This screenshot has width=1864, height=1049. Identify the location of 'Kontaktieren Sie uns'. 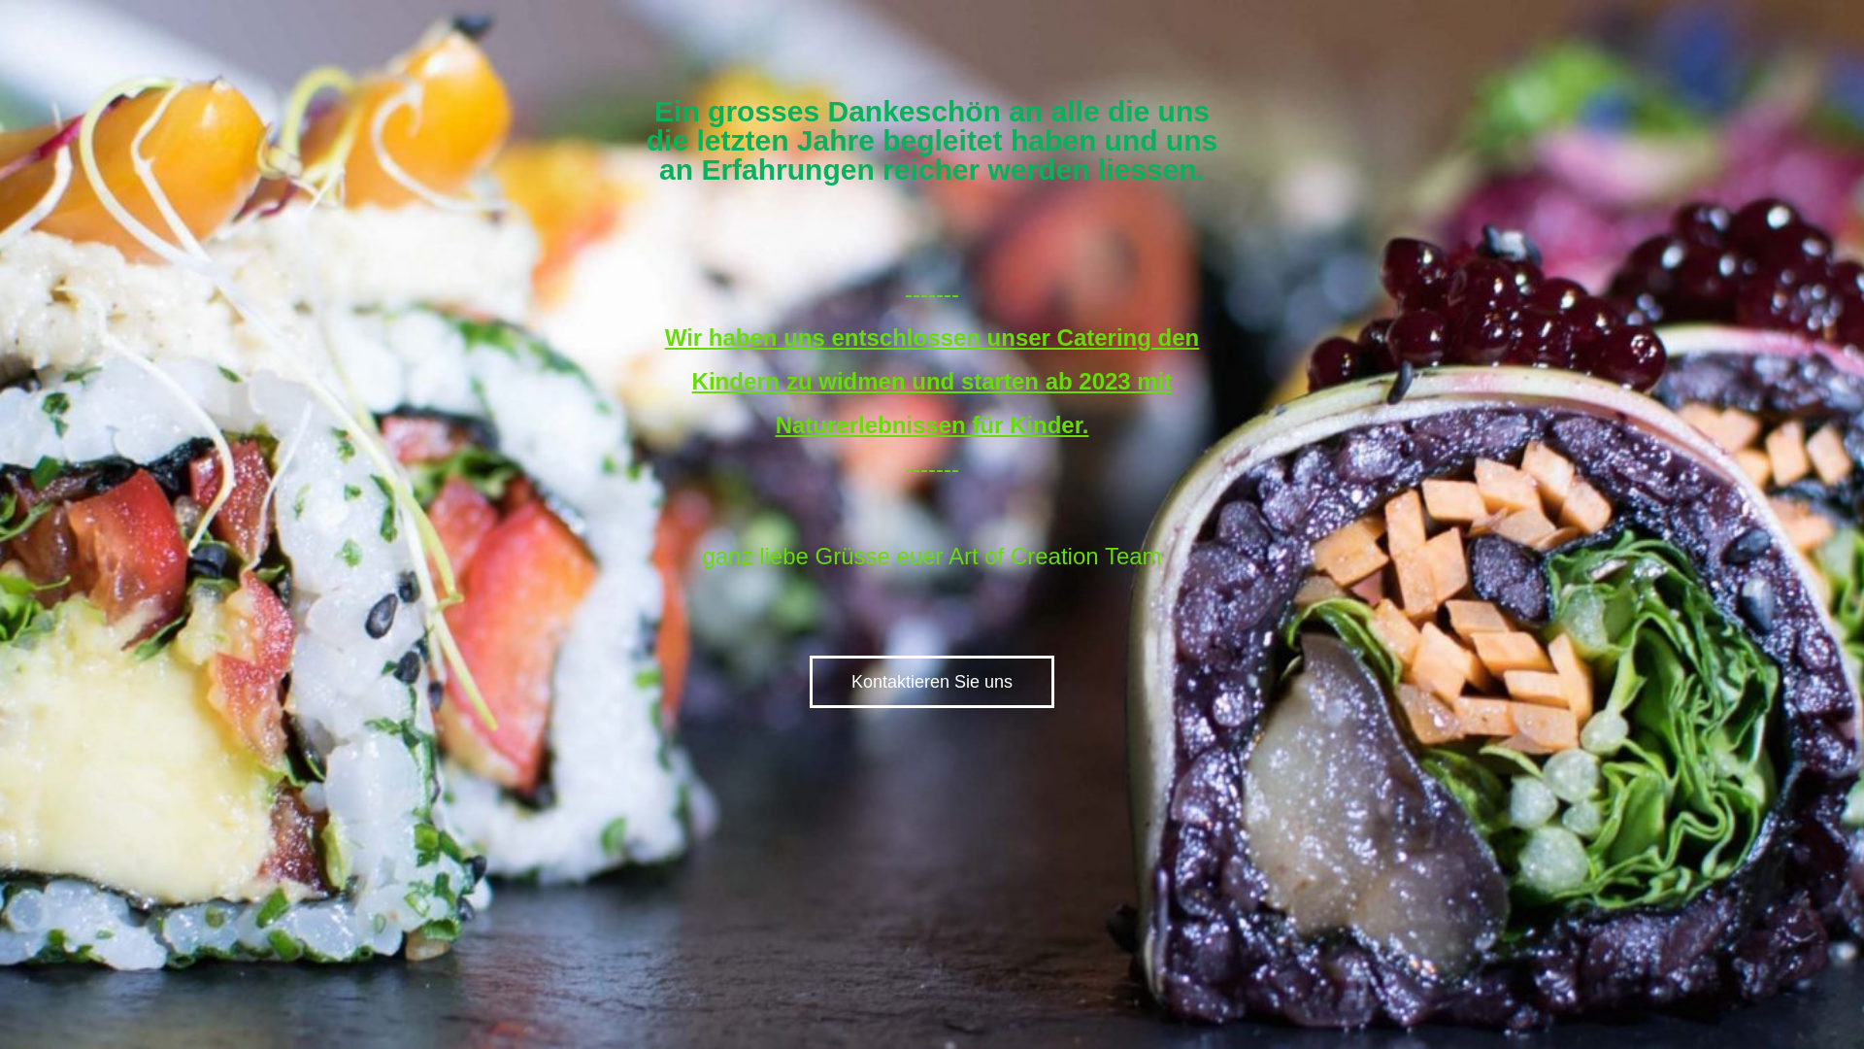
(932, 681).